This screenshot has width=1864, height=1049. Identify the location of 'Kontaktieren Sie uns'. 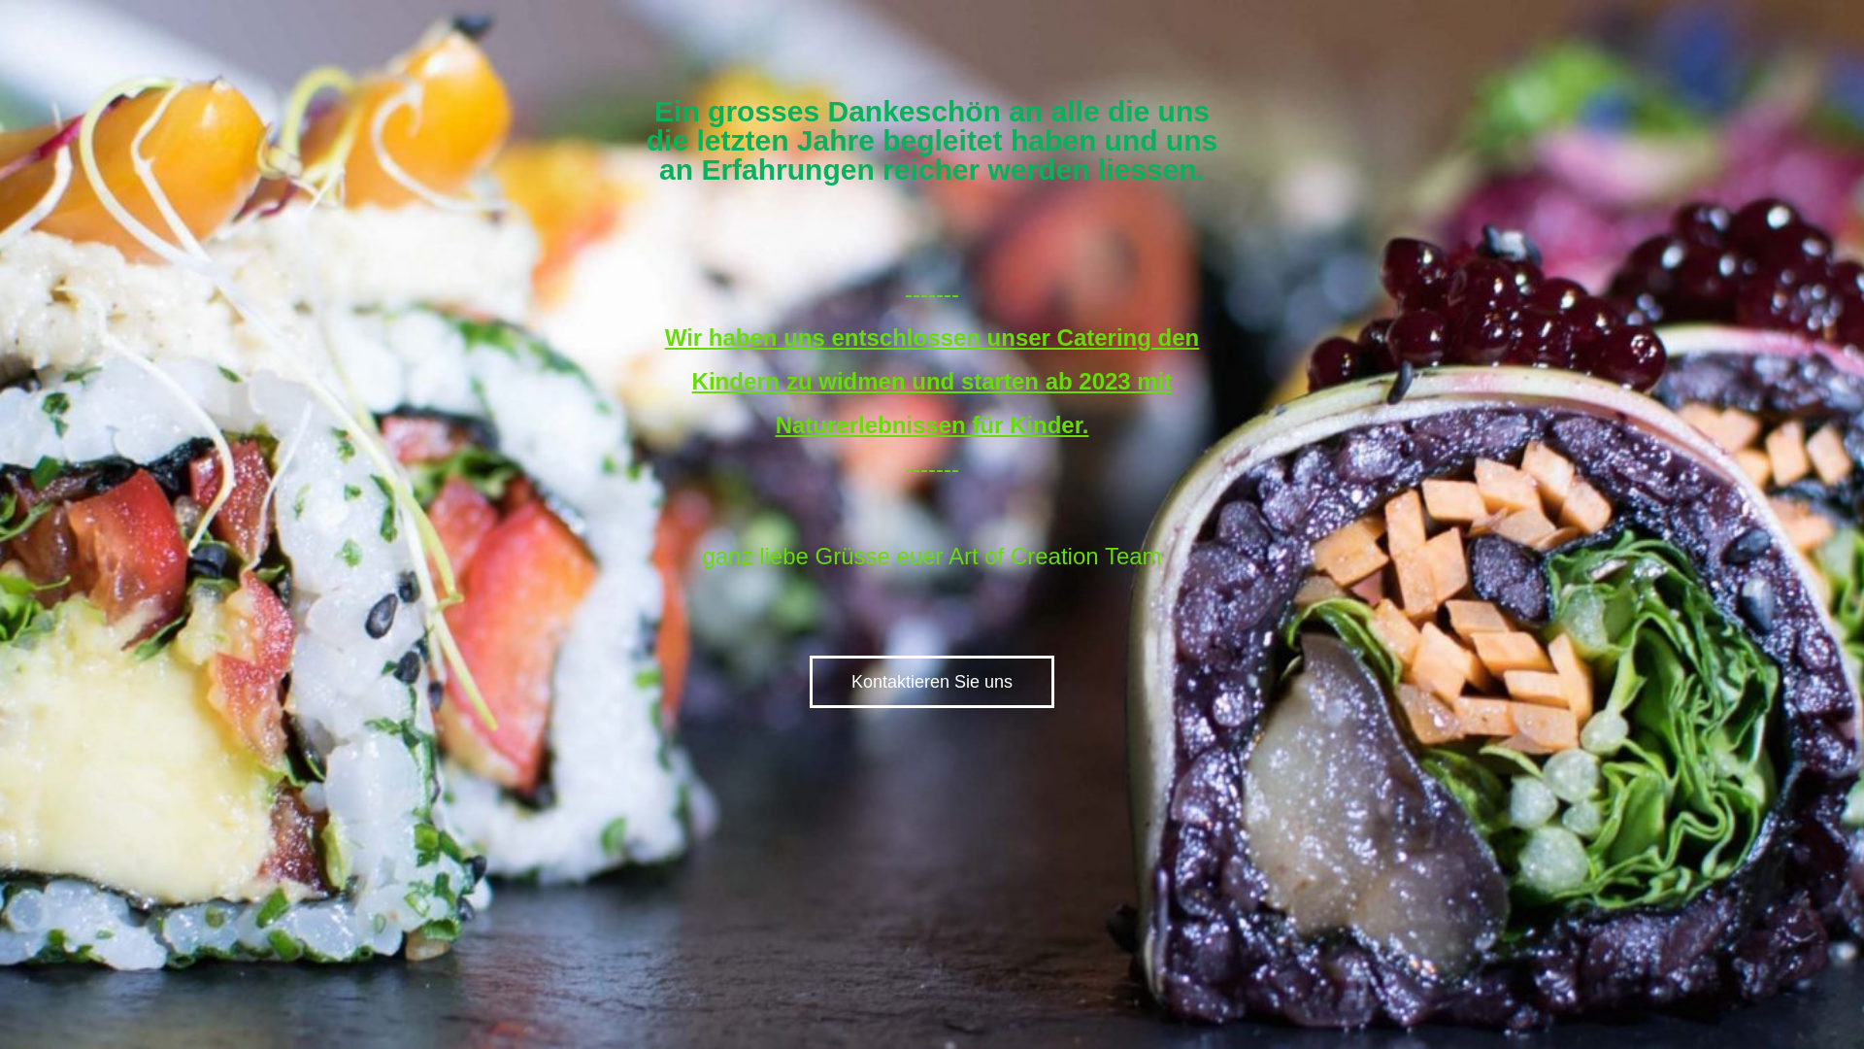
(932, 681).